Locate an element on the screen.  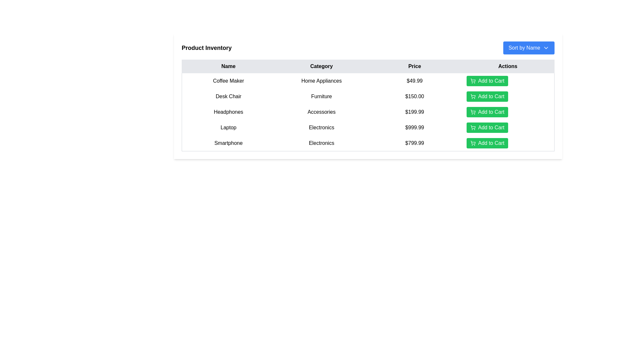
the green 'Add to Cart' button positioned in the rightmost column of the table under the 'Actions' header, aligned with the 'Smartphone' row is located at coordinates (507, 143).